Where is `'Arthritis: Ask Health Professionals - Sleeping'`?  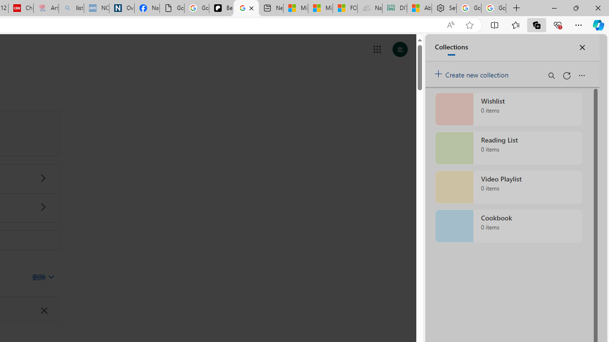 'Arthritis: Ask Health Professionals - Sleeping' is located at coordinates (45, 8).